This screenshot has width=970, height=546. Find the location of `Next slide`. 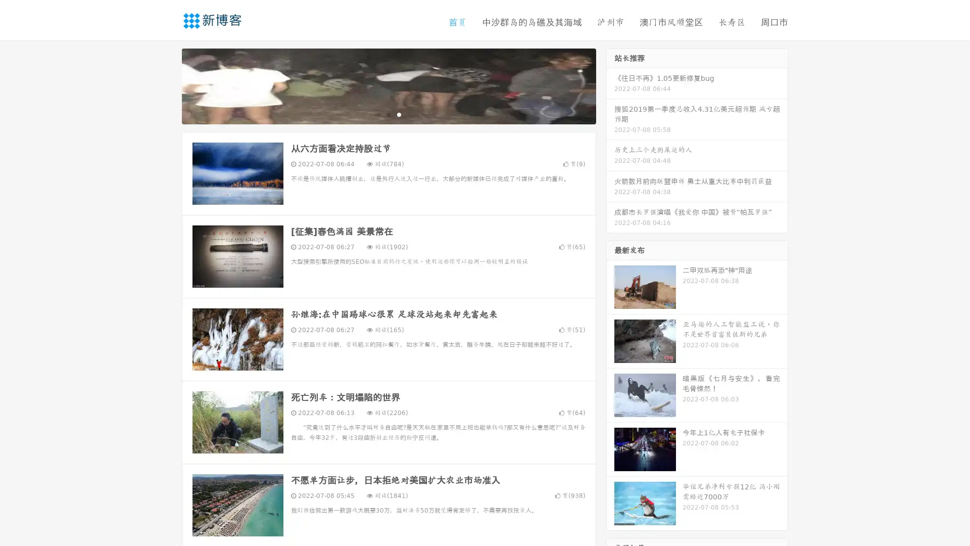

Next slide is located at coordinates (610, 85).